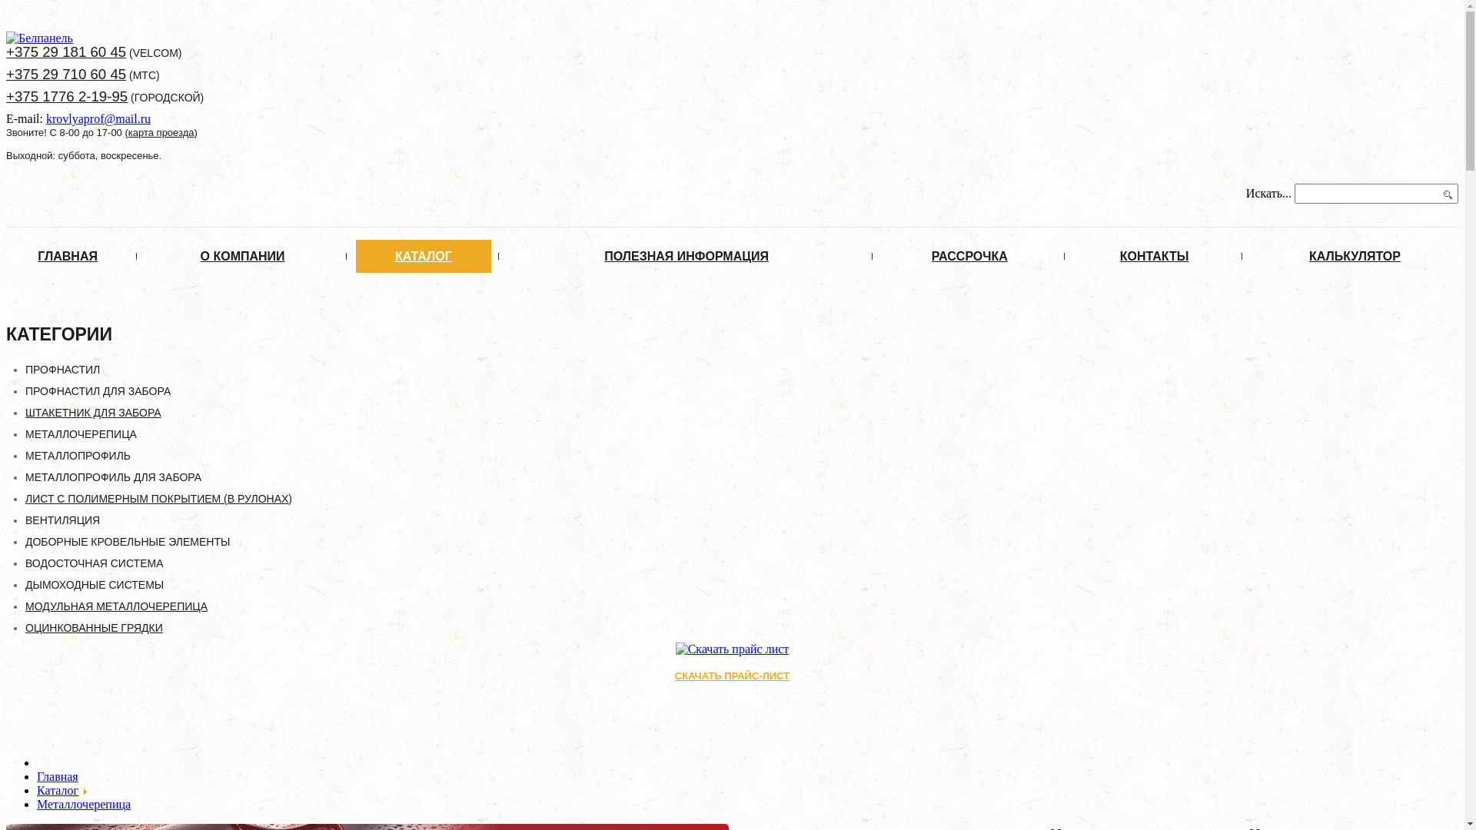 This screenshot has width=1476, height=830. What do you see at coordinates (45, 118) in the screenshot?
I see `'krovlyaprof@mail.ru'` at bounding box center [45, 118].